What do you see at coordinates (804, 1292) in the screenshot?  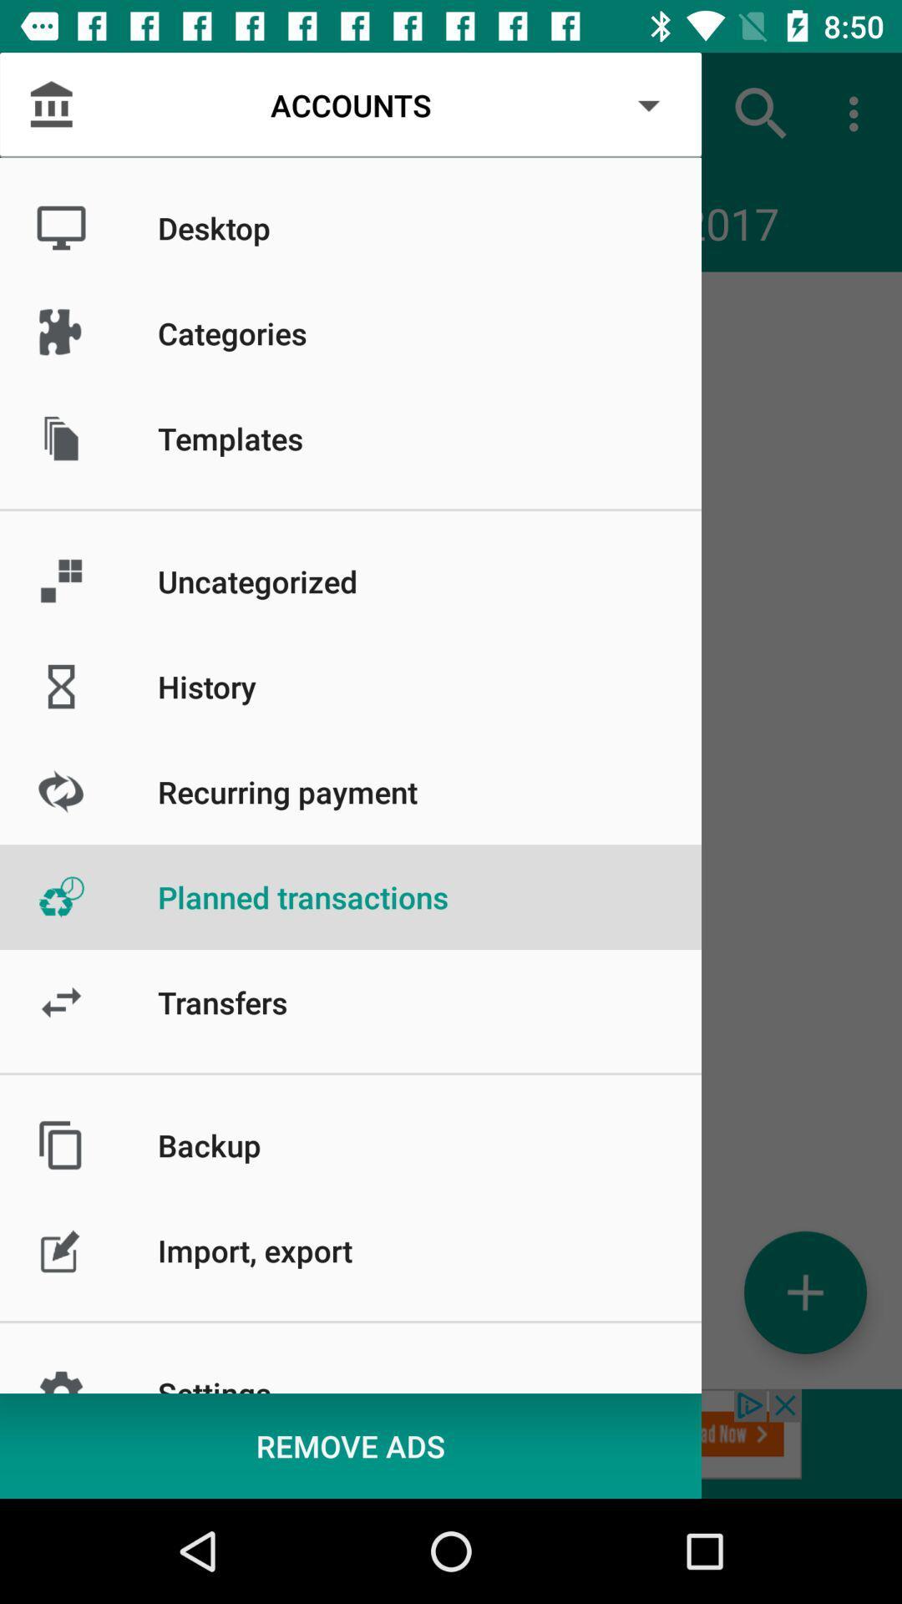 I see `symbol` at bounding box center [804, 1292].